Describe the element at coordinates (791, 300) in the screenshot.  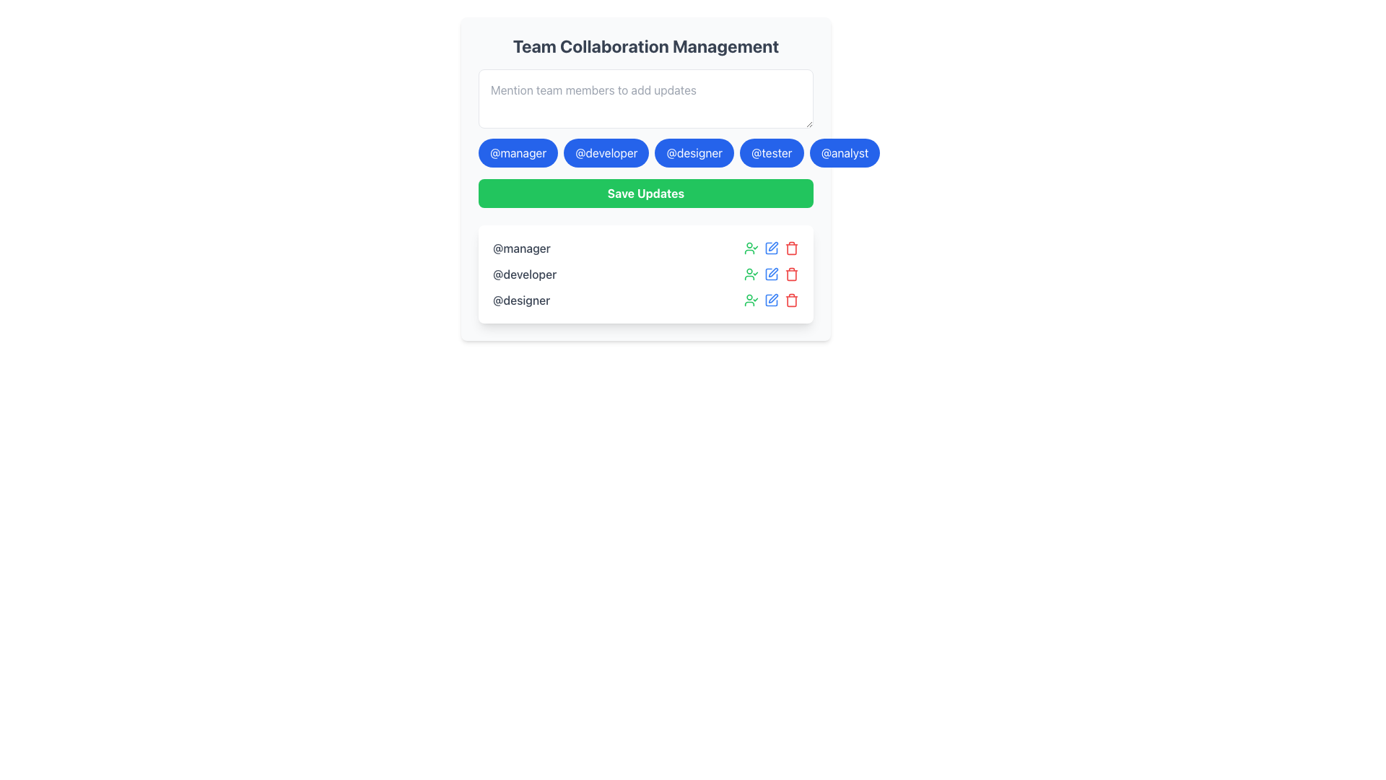
I see `the trash icon used for deleting the user '@designer' in the user list for accessibility navigation` at that location.